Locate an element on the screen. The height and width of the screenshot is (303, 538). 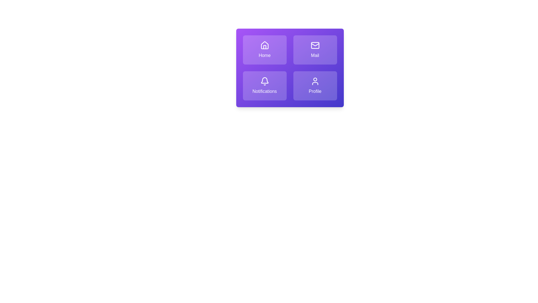
the tile labeled Profile to observe its hover effect is located at coordinates (315, 86).